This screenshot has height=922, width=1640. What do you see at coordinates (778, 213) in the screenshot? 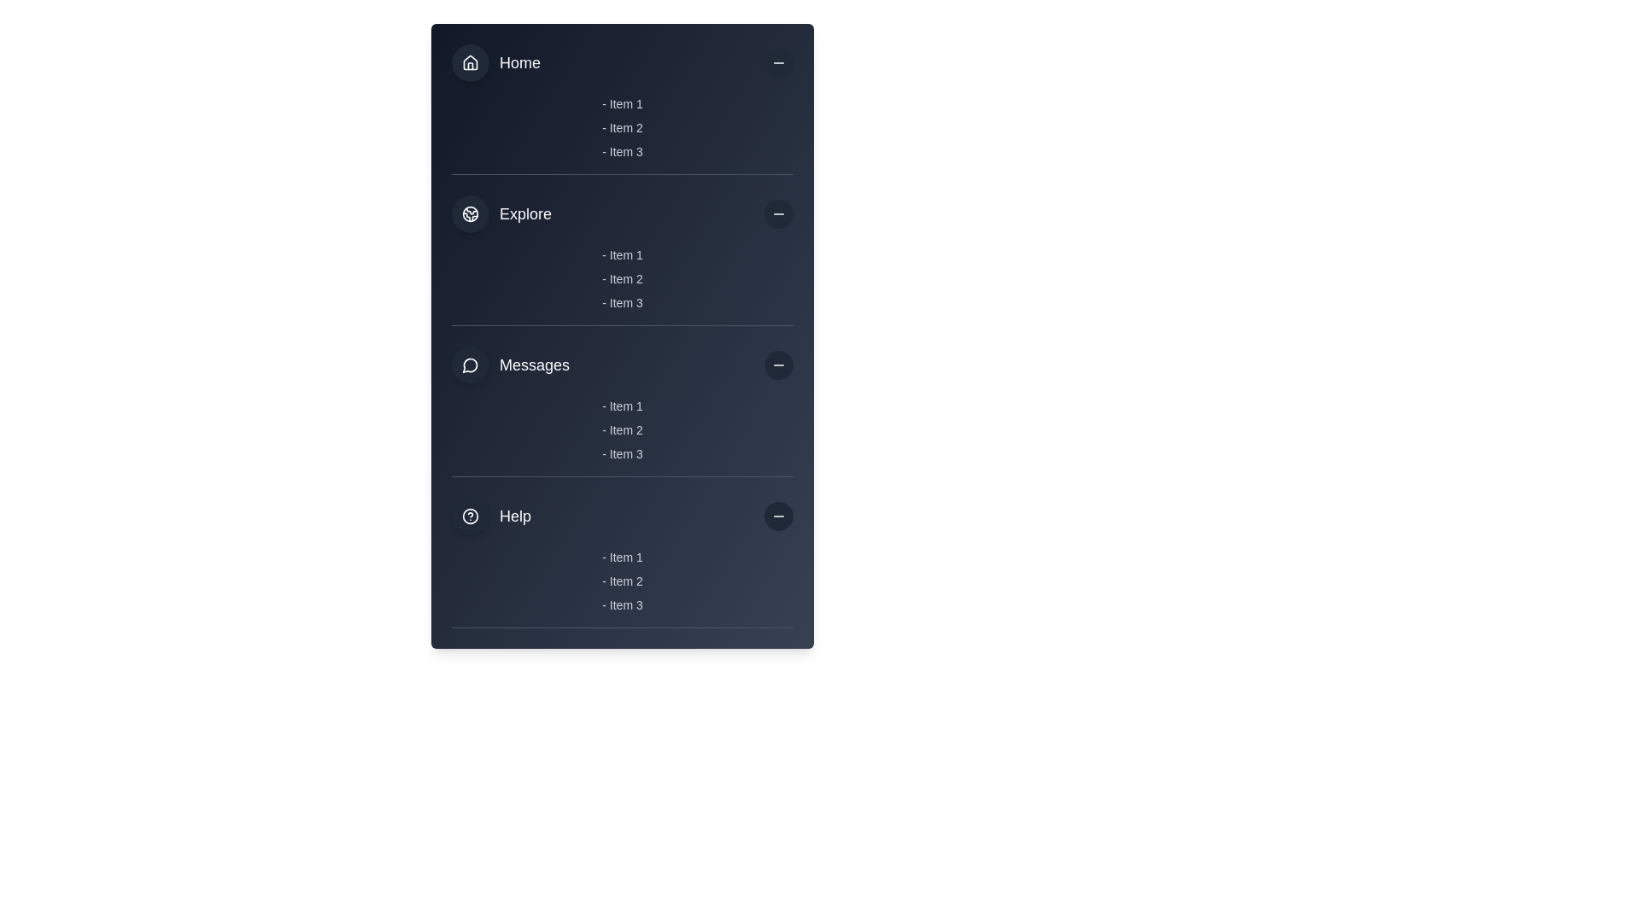
I see `the collapse button located in the 'Explore' section of the vertical menu to hide the sub-items under 'Explore'` at bounding box center [778, 213].